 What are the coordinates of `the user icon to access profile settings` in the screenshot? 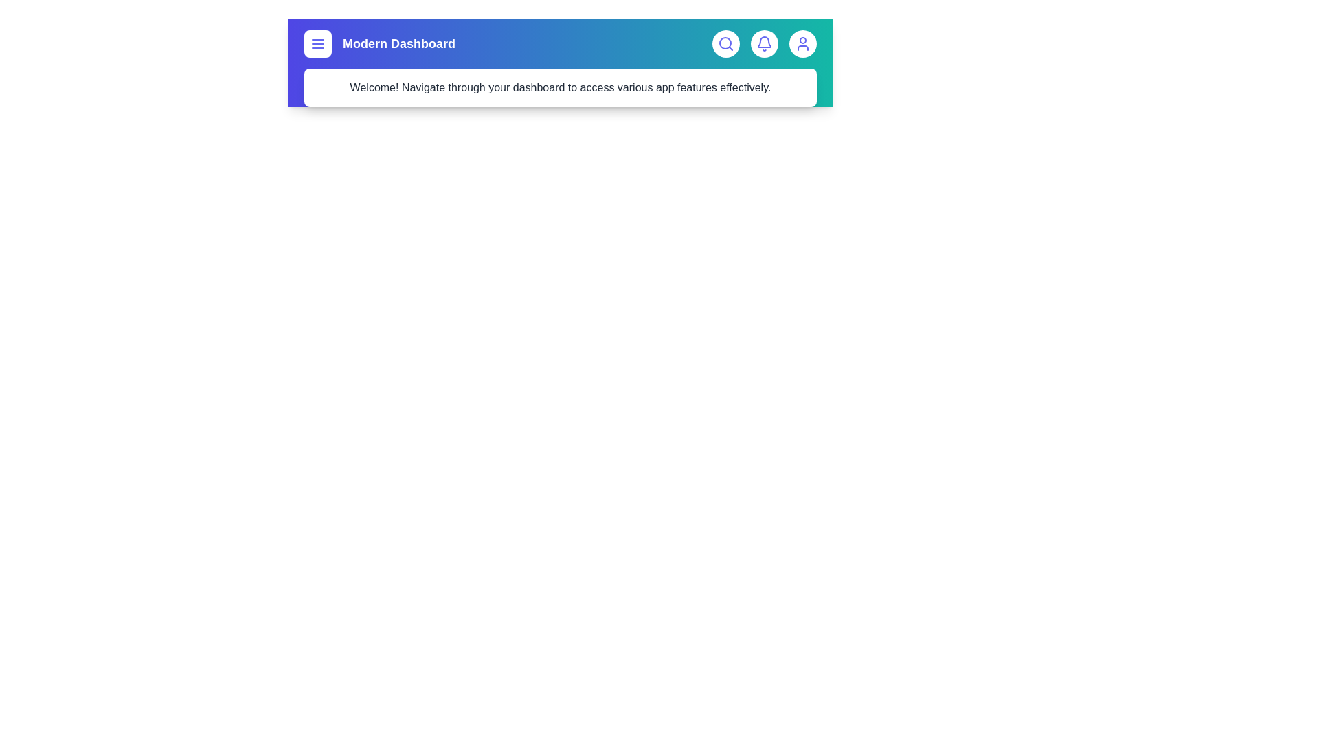 It's located at (803, 43).